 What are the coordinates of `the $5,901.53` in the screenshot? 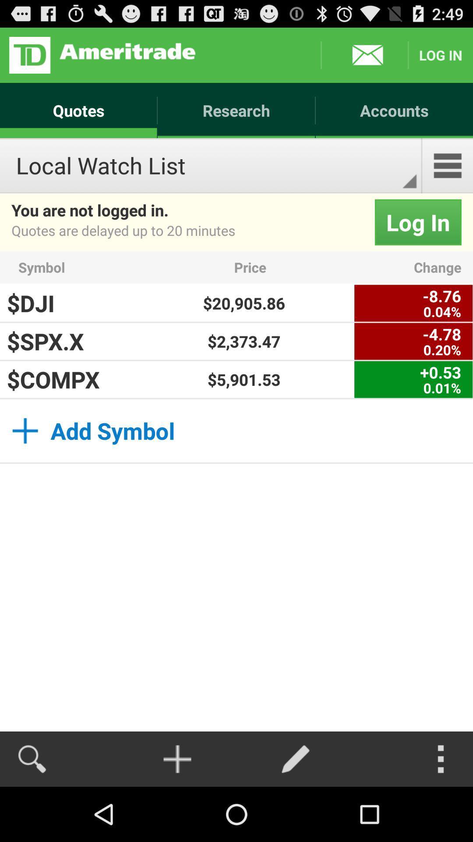 It's located at (244, 379).